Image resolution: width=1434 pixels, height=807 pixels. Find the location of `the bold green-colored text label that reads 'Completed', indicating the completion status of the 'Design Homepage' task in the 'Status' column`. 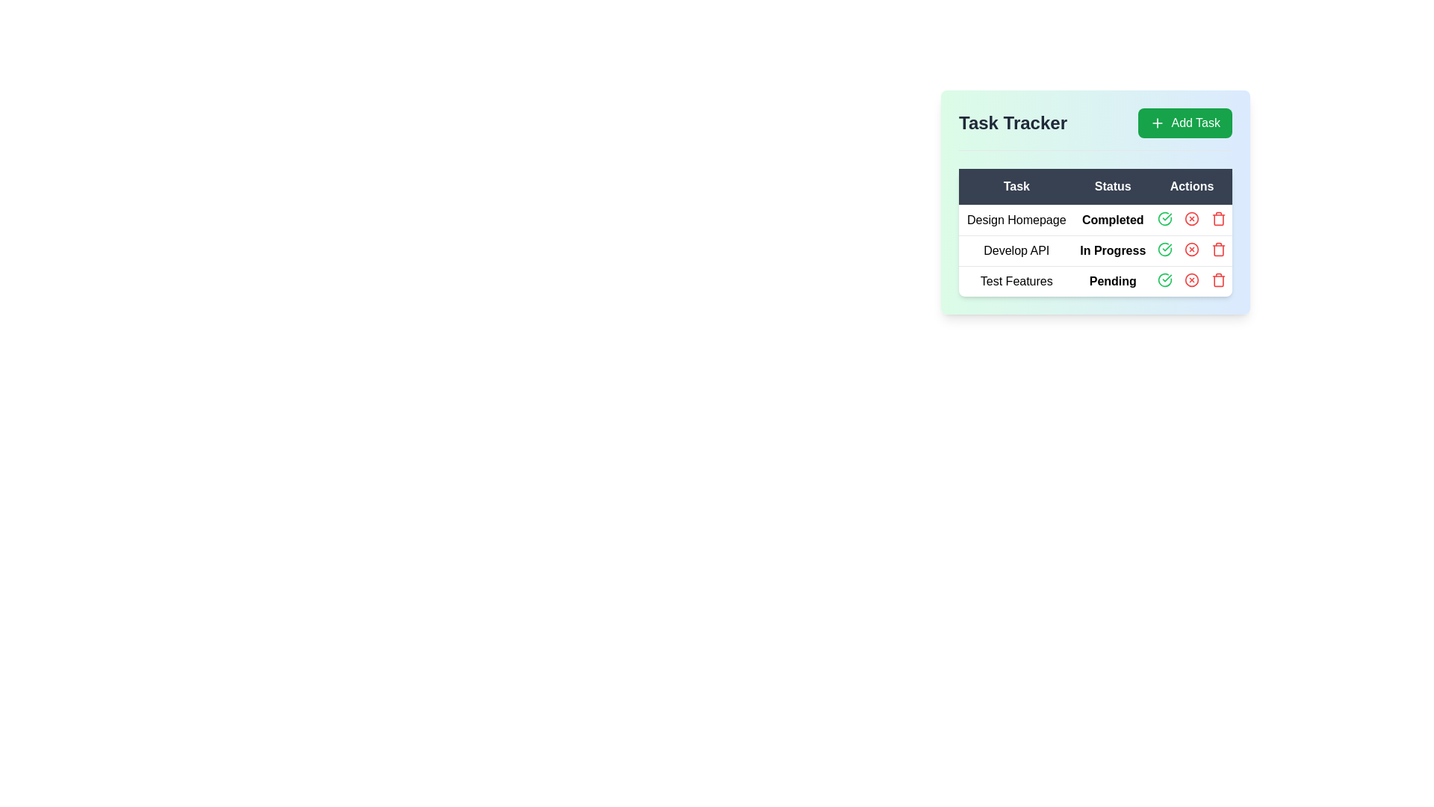

the bold green-colored text label that reads 'Completed', indicating the completion status of the 'Design Homepage' task in the 'Status' column is located at coordinates (1113, 220).